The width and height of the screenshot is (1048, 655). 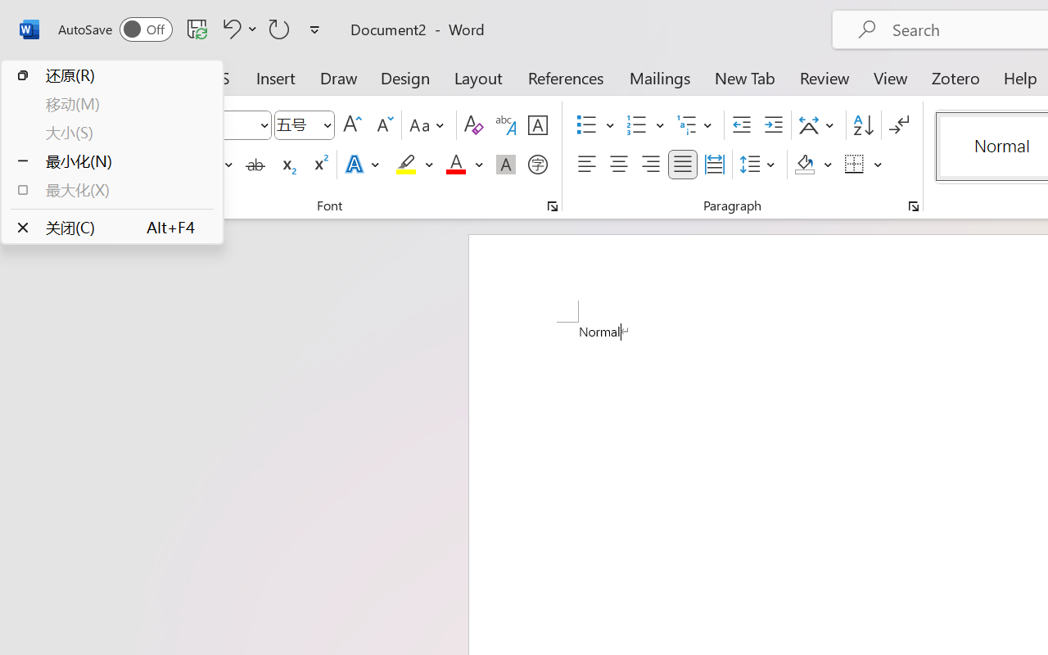 What do you see at coordinates (477, 77) in the screenshot?
I see `'Layout'` at bounding box center [477, 77].